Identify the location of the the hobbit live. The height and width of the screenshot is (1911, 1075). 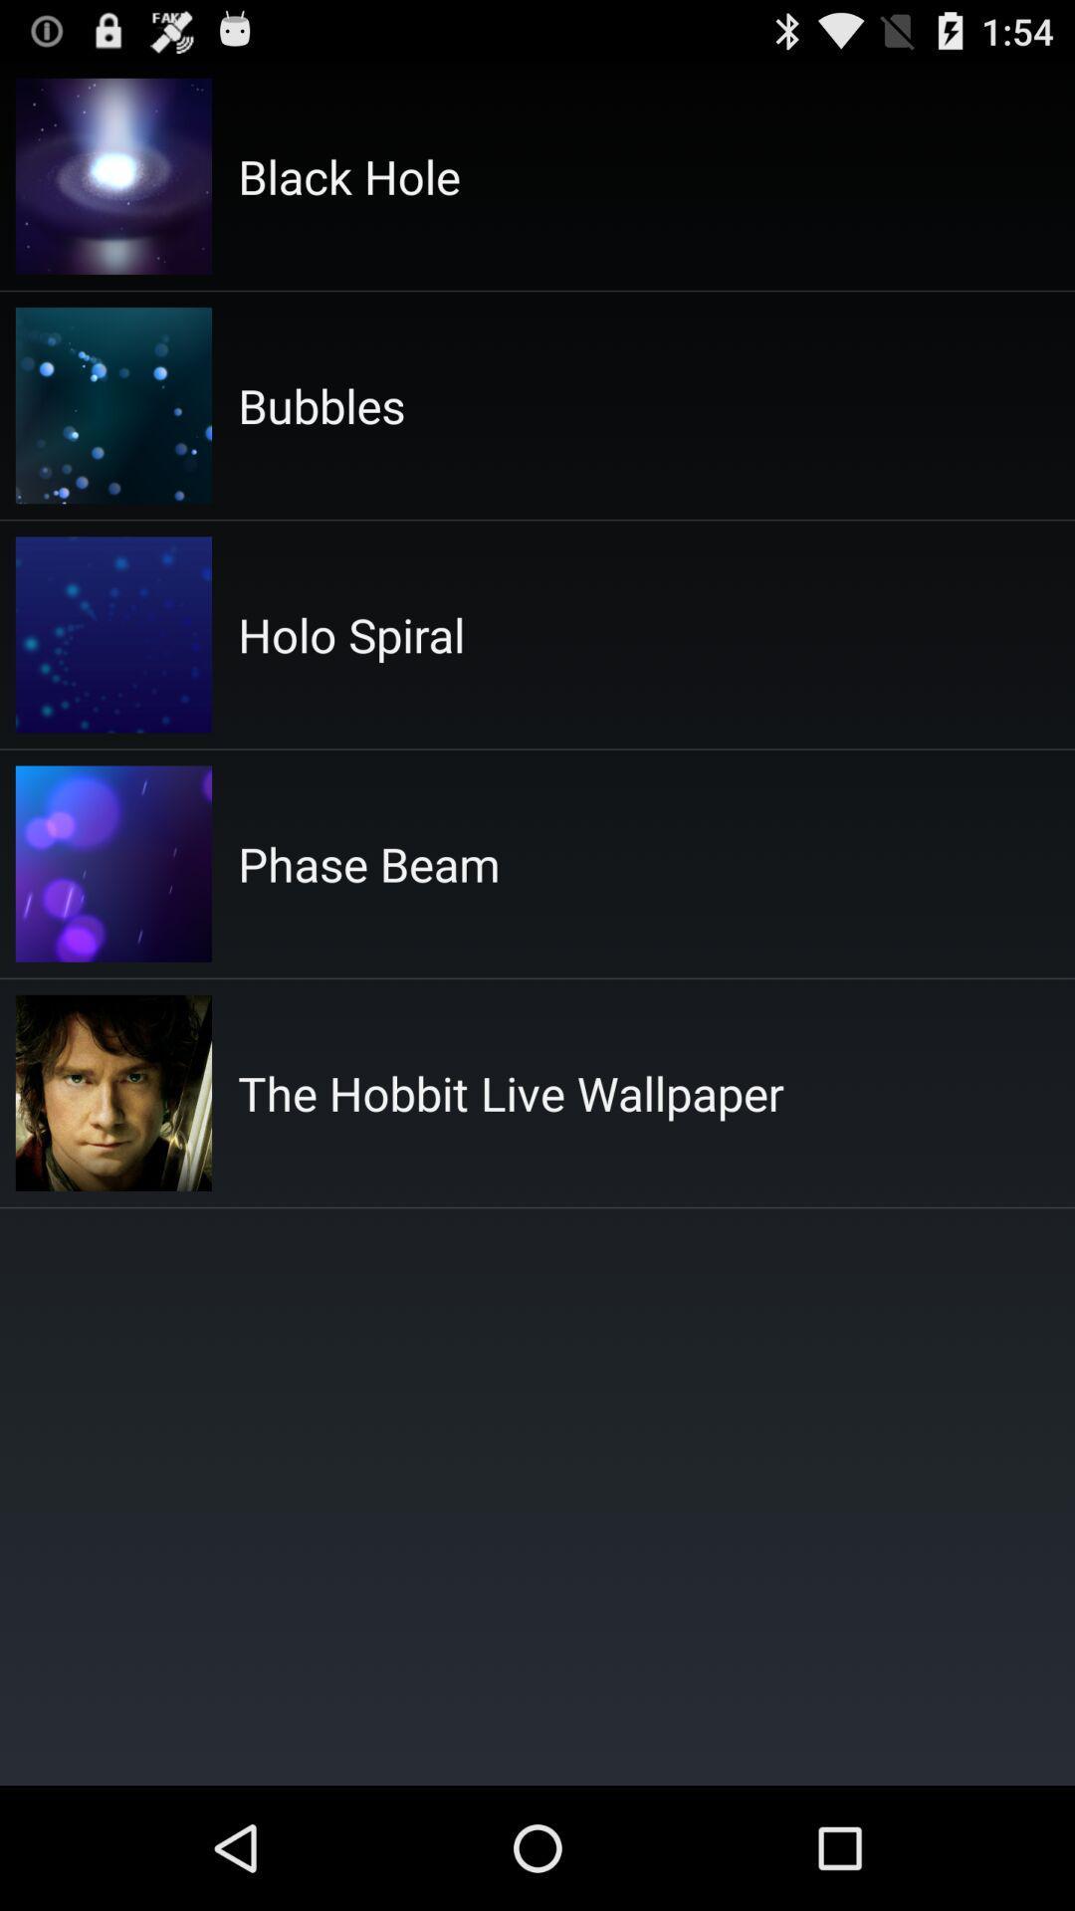
(510, 1092).